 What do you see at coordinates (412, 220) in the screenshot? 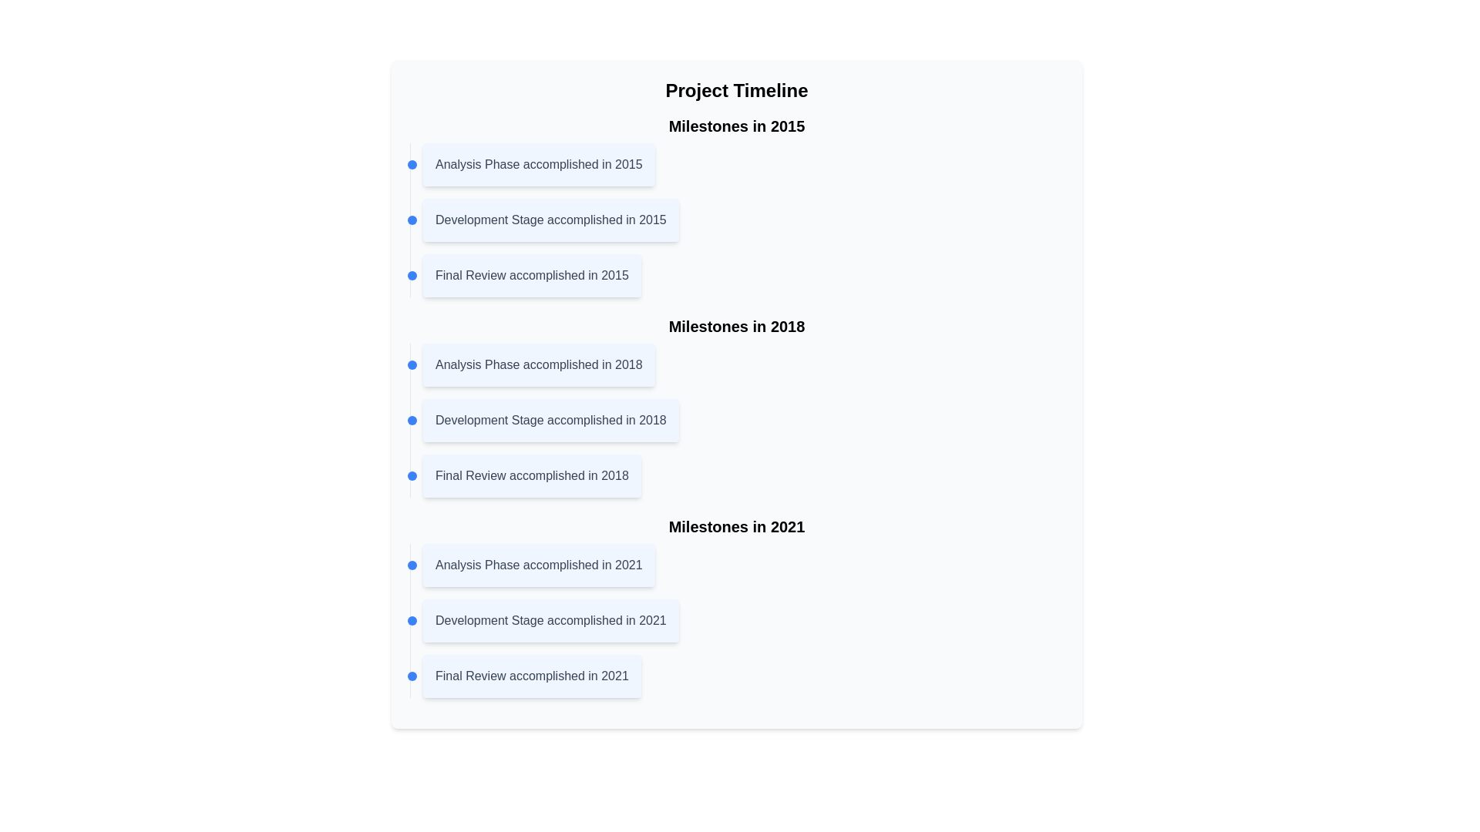
I see `the visual marker indicating the event on the timeline next to the text 'Development Stage accomplished in 2015'` at bounding box center [412, 220].